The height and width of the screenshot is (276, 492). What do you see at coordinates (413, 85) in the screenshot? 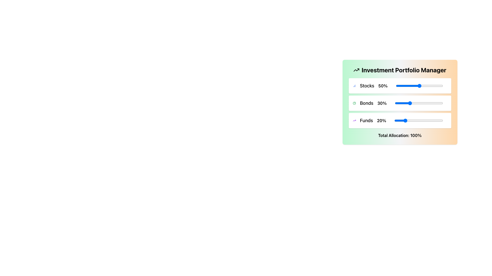
I see `the allocation percentage of the Stocks slider` at bounding box center [413, 85].